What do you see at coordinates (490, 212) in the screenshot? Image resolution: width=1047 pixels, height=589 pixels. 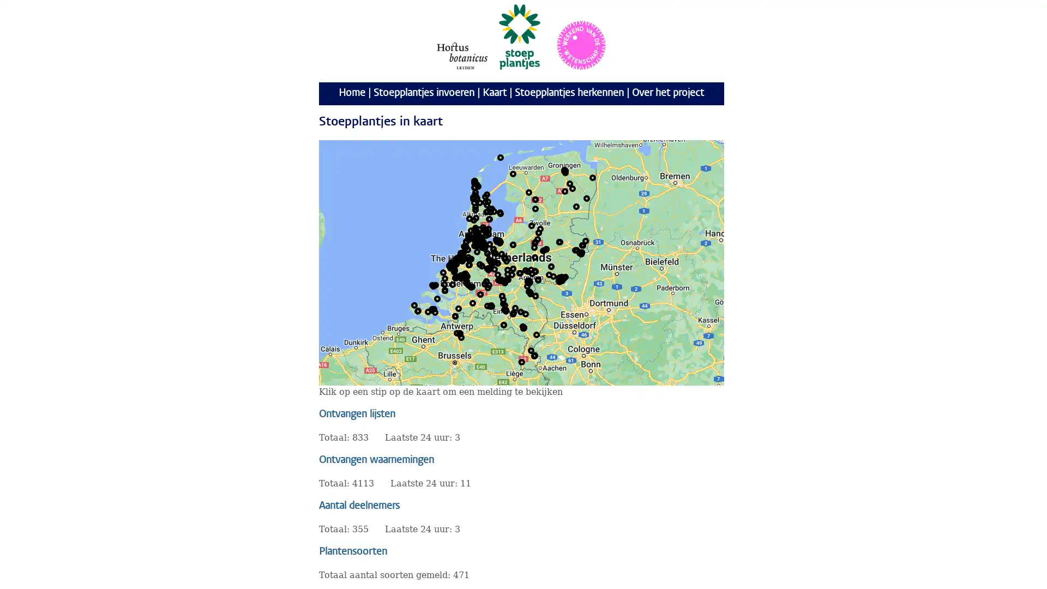 I see `Telling van op 21 januari 2022` at bounding box center [490, 212].